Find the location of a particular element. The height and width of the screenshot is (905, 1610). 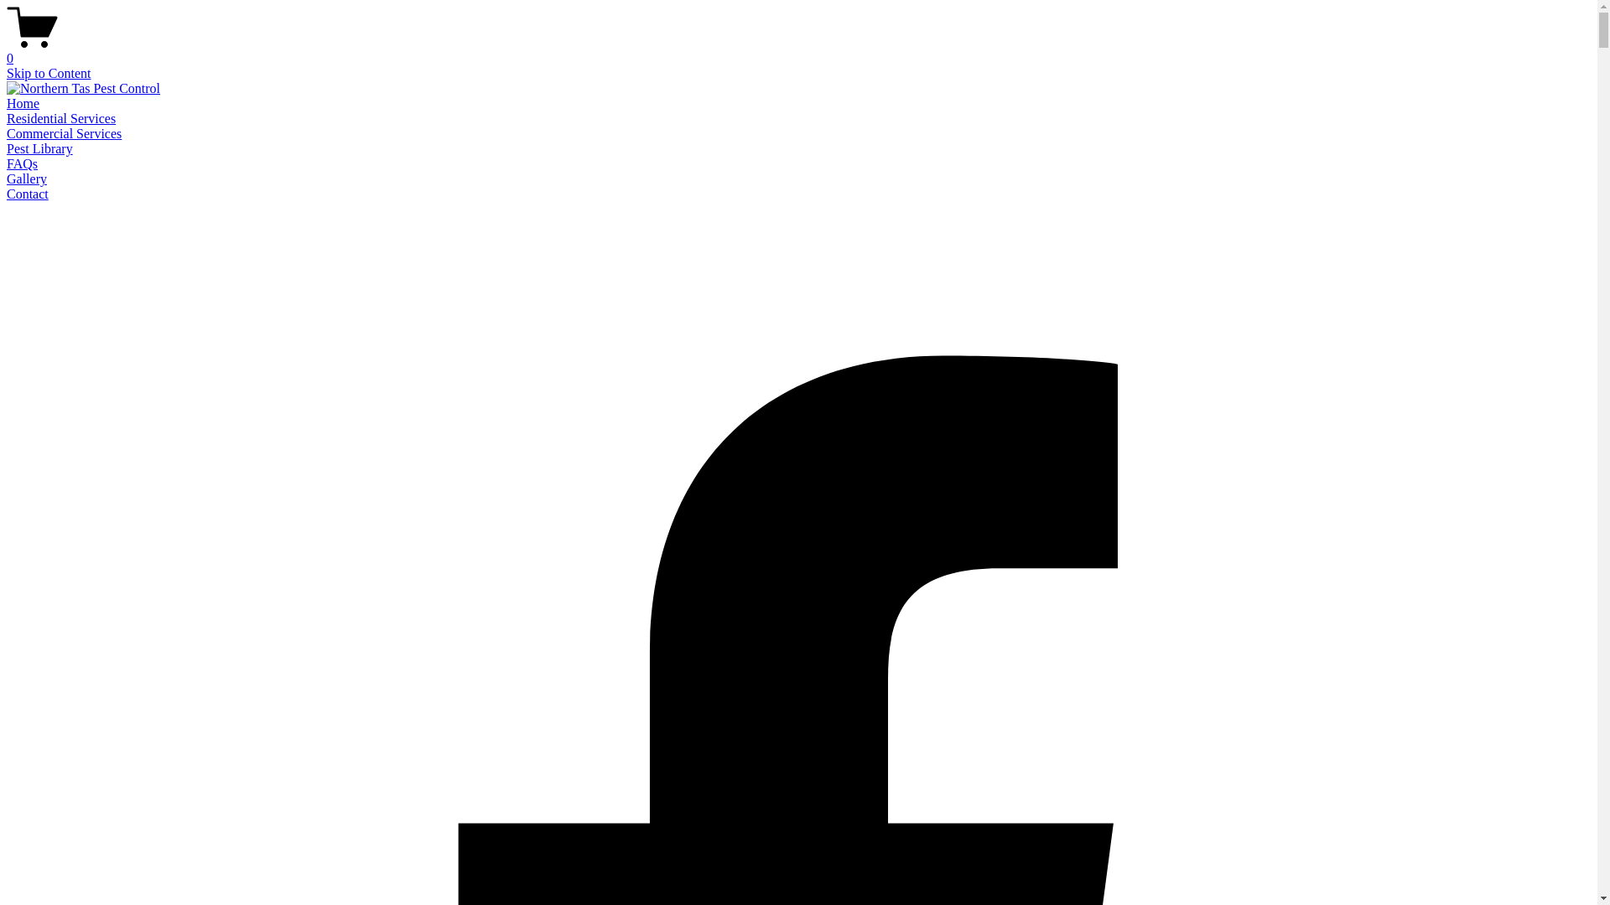

'Skip to Content' is located at coordinates (48, 72).